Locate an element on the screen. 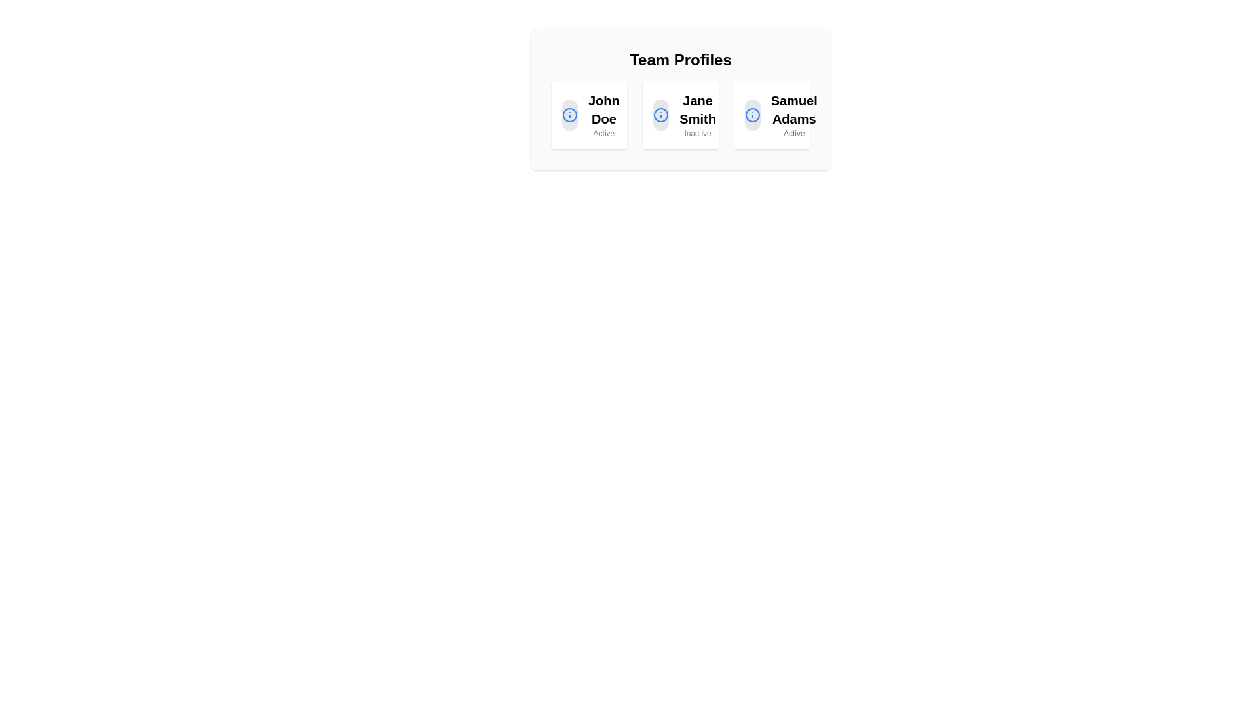 The width and height of the screenshot is (1258, 707). the circular 'info' icon with a blue-bordered ring located in the 'Team Profiles' section under the 'John Doe' box is located at coordinates (569, 115).